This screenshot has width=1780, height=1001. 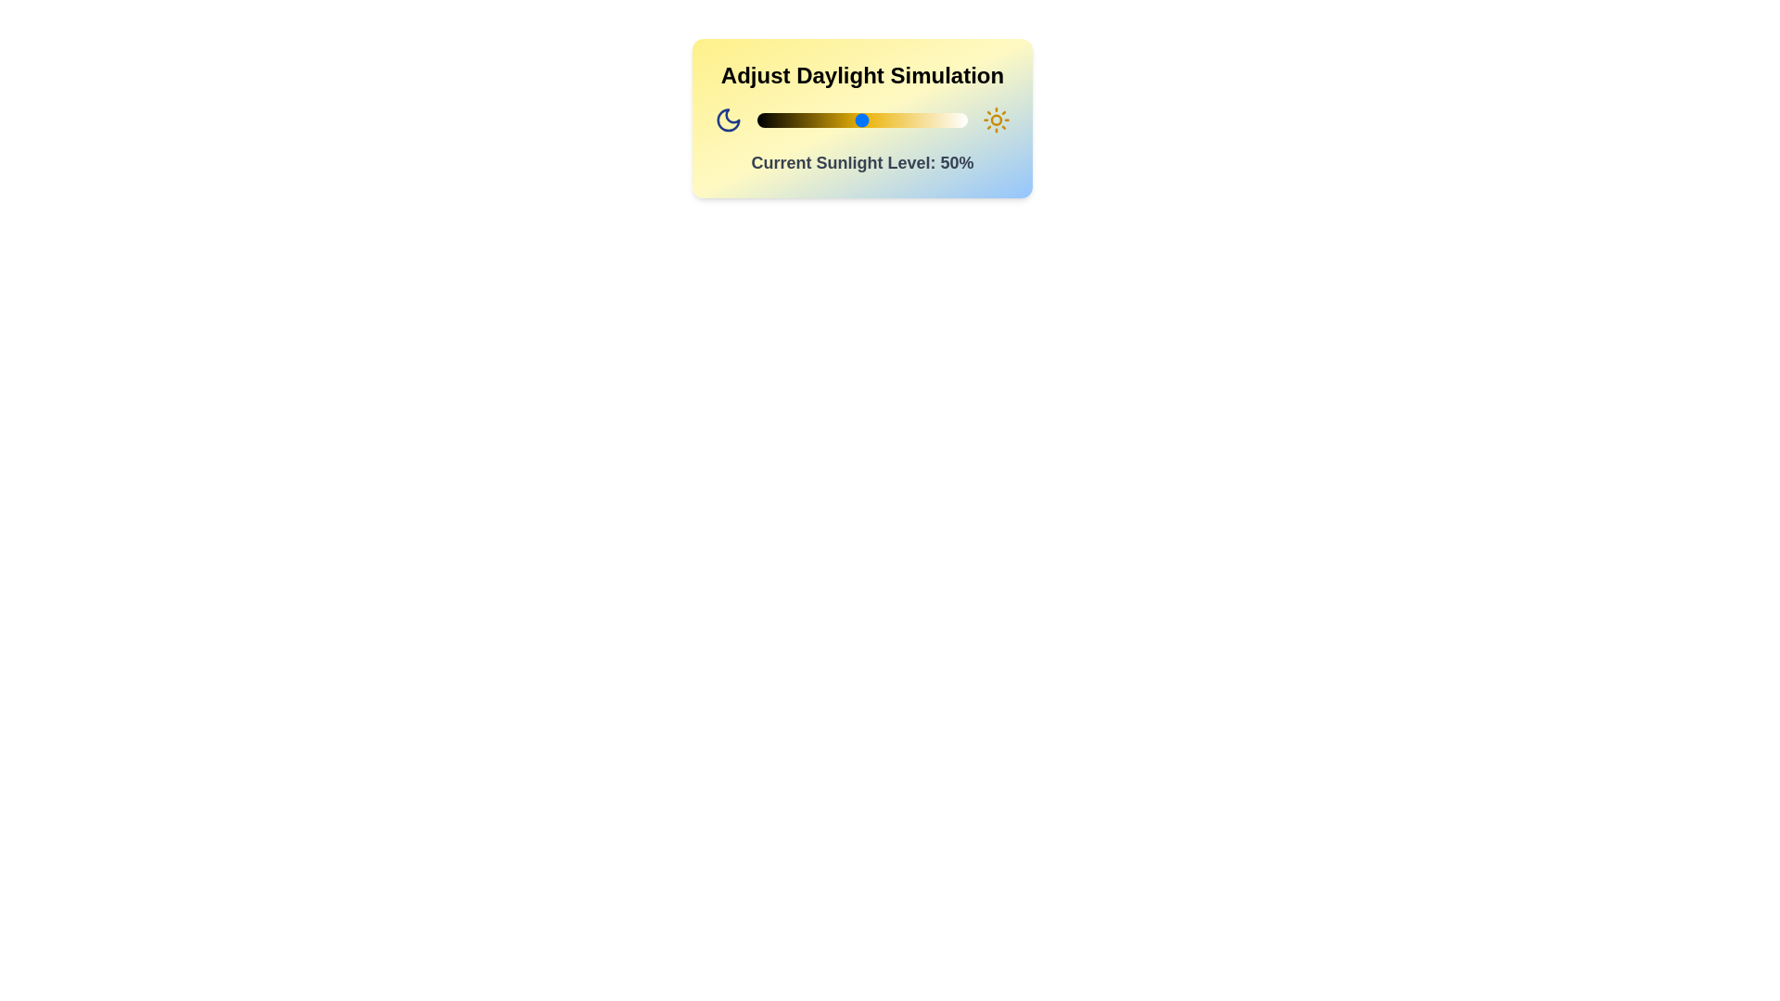 What do you see at coordinates (964, 120) in the screenshot?
I see `the sunlight level to 99% by interacting with the slider` at bounding box center [964, 120].